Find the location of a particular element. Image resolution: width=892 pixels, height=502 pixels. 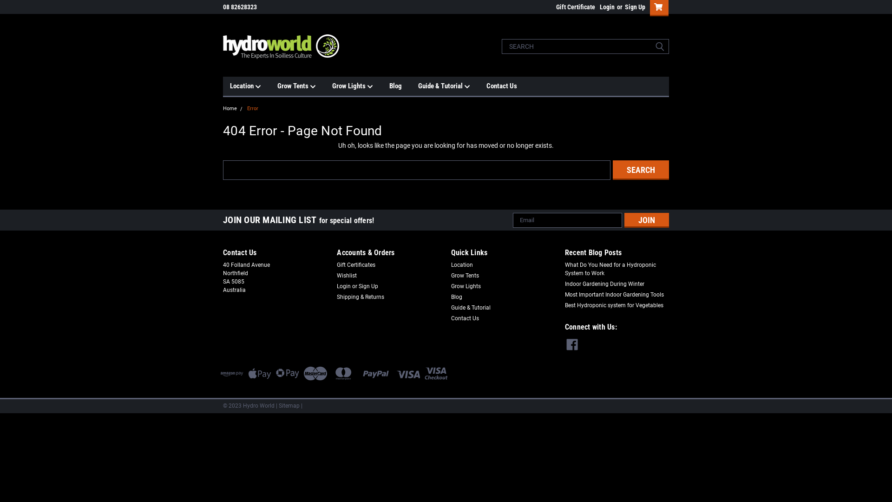

'Join' is located at coordinates (646, 220).